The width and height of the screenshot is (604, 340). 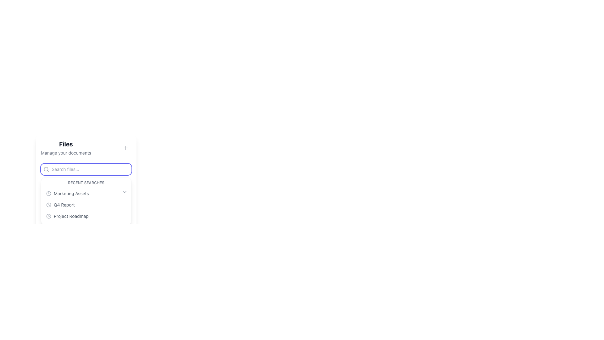 I want to click on the A badge indicating user activity for the 'Project Roadmap' item located in the 'Recent Searches' section, positioned to the right of the list entry, so click(x=111, y=218).